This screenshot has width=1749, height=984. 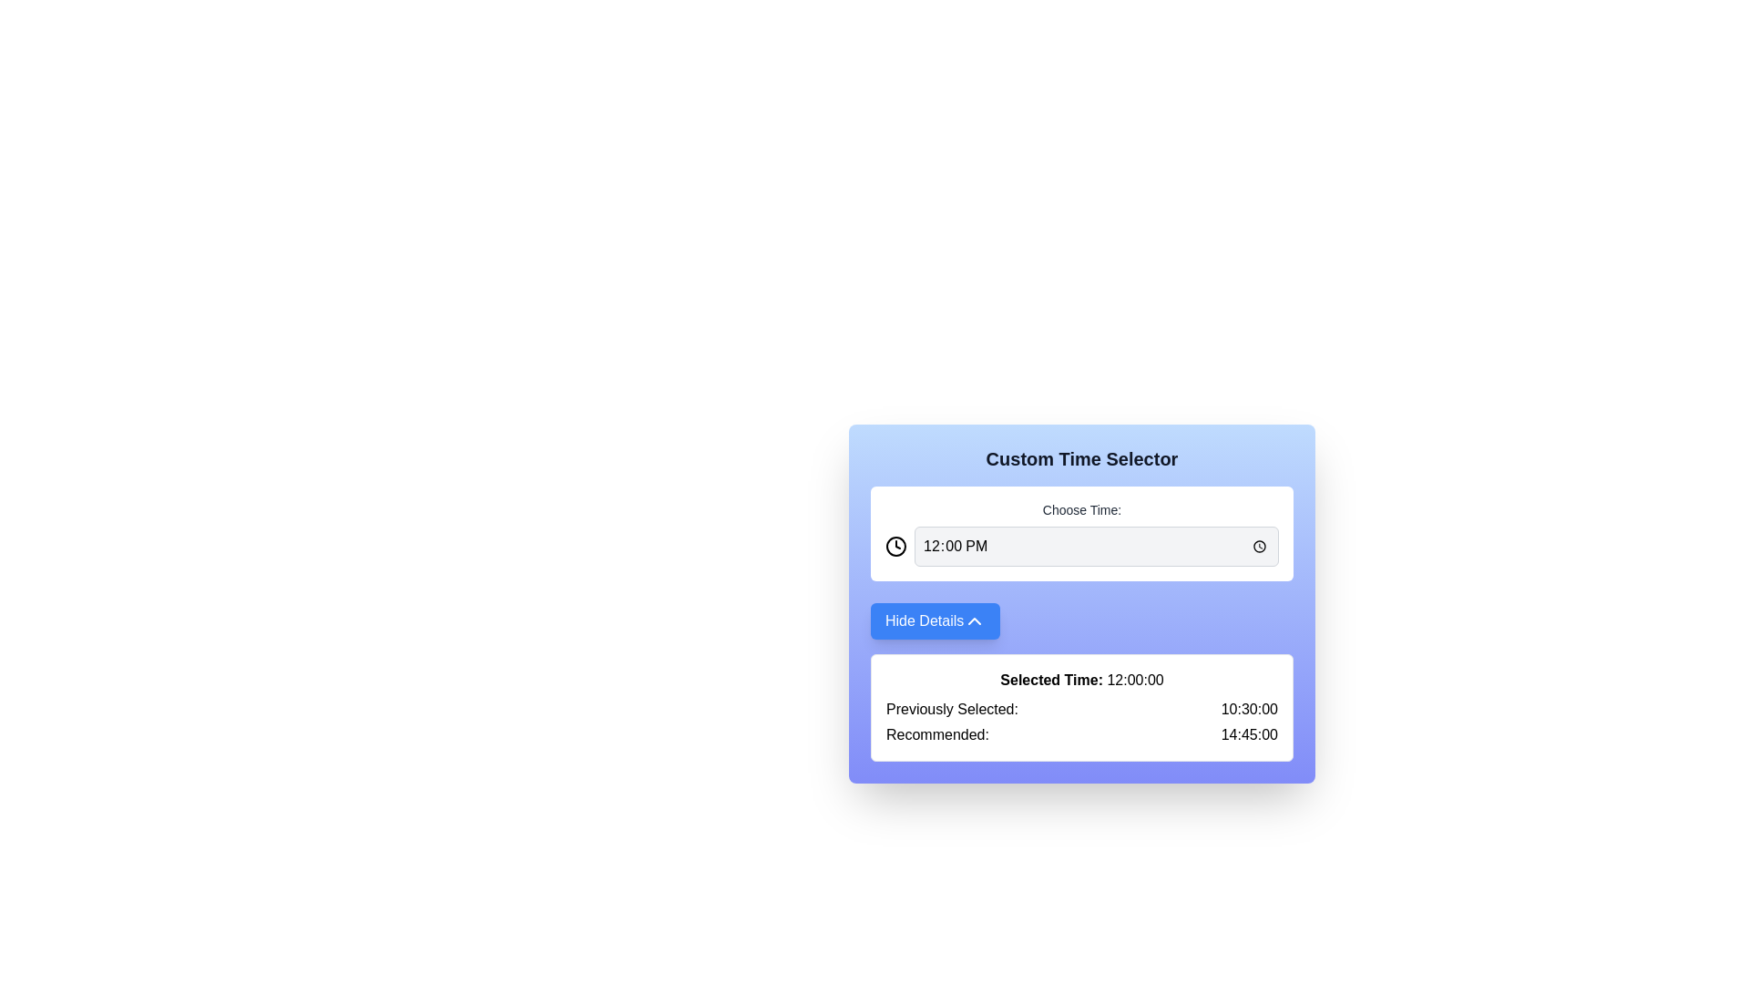 I want to click on the Text display element that showcases information about previously selected time for accessibility tools, so click(x=1082, y=709).